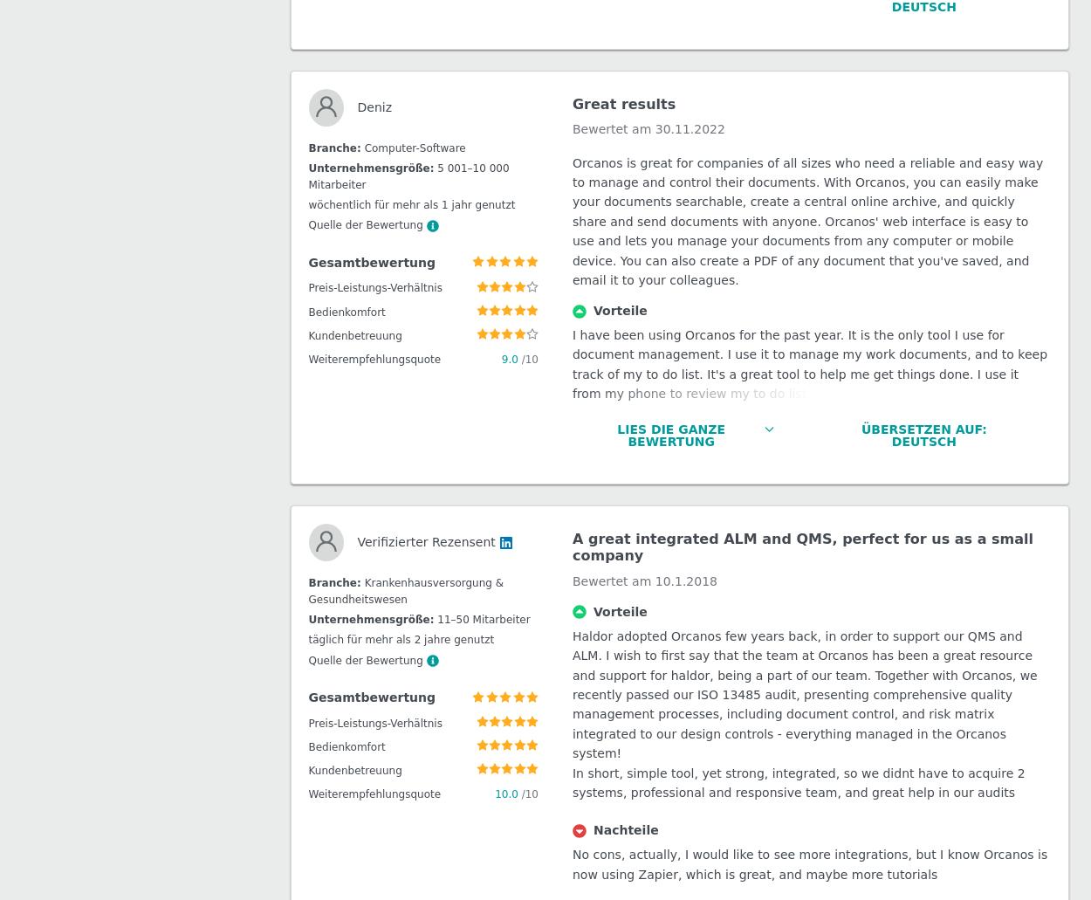 This screenshot has height=900, width=1091. I want to click on 'SaaS-Anbieter', so click(360, 279).